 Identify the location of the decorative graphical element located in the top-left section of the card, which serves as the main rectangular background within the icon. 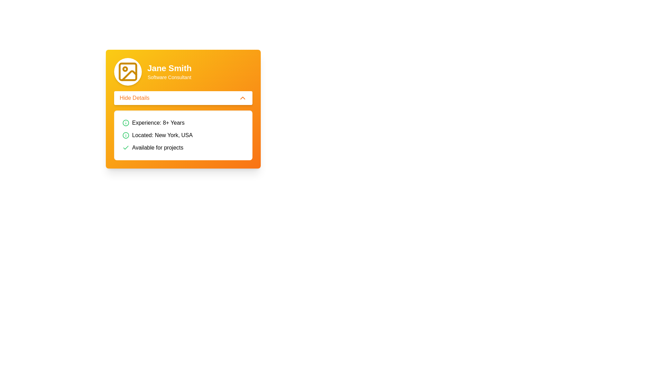
(128, 72).